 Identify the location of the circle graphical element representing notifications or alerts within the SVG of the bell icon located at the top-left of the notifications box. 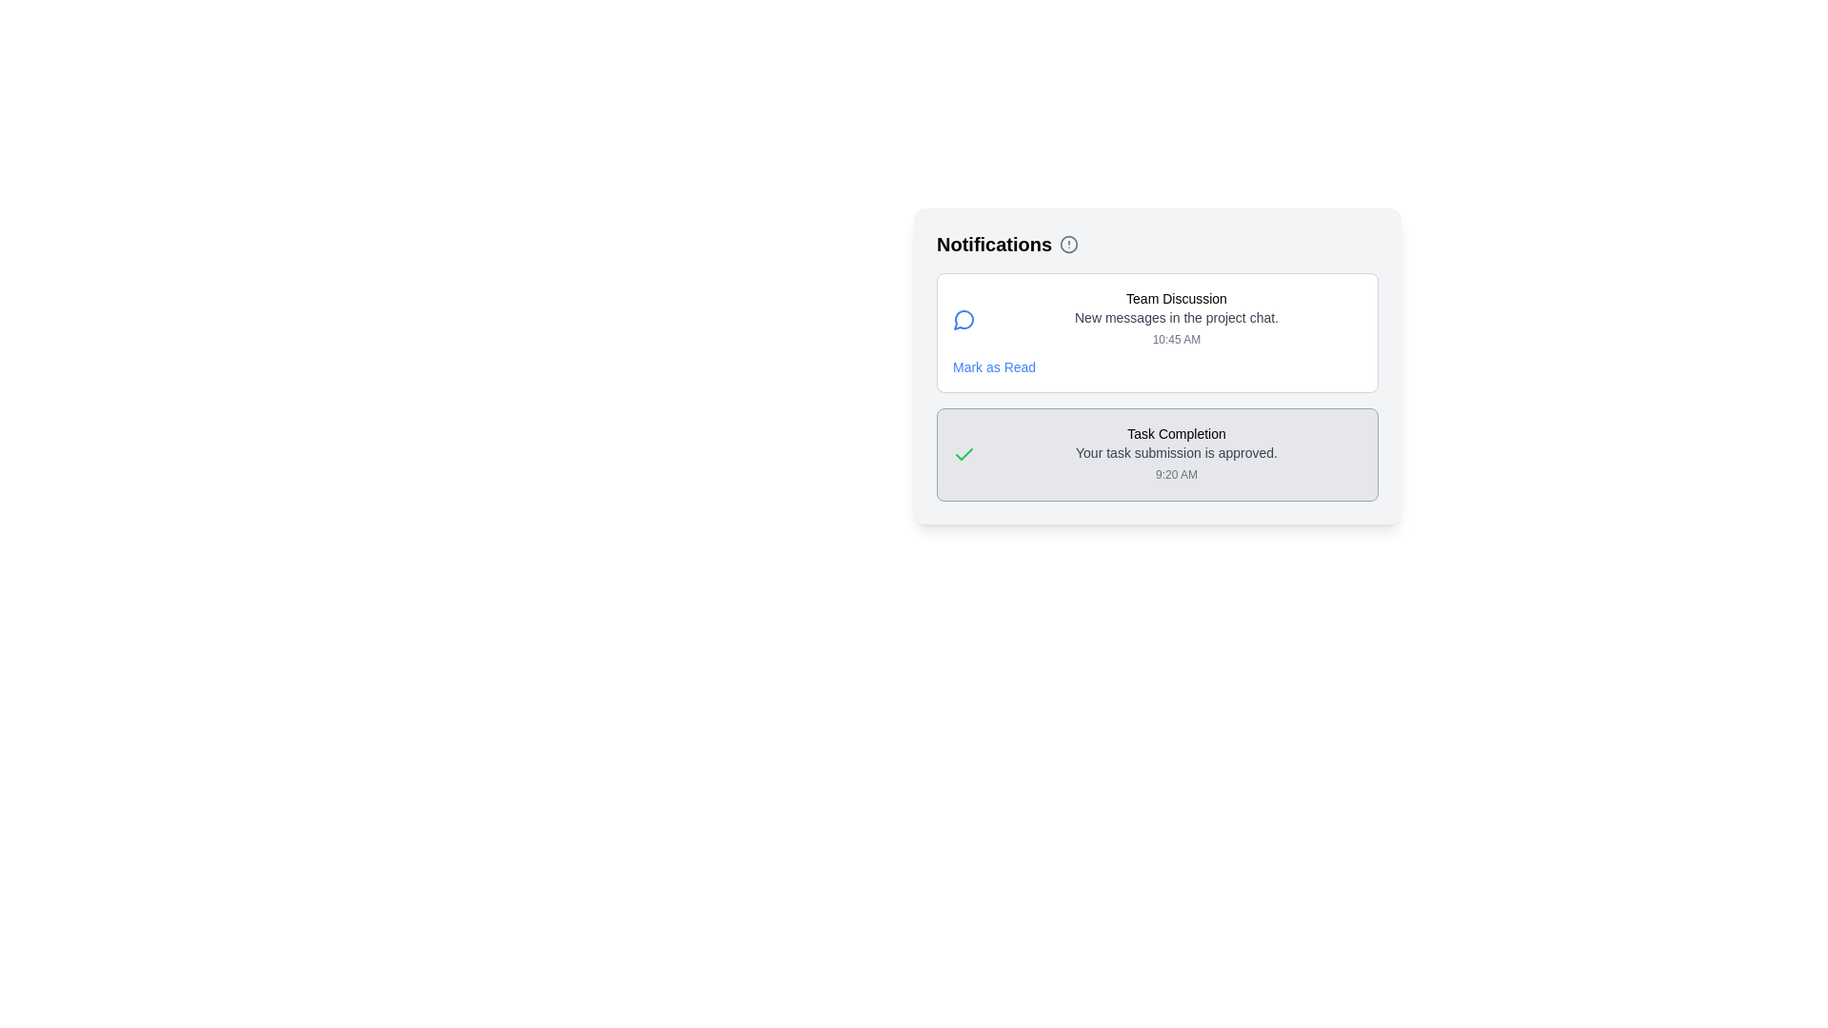
(1069, 244).